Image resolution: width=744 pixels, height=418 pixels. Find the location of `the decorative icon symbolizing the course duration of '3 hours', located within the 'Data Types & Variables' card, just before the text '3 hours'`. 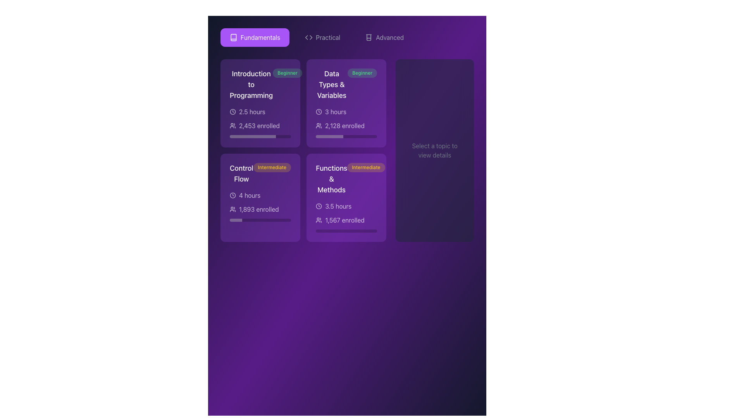

the decorative icon symbolizing the course duration of '3 hours', located within the 'Data Types & Variables' card, just before the text '3 hours' is located at coordinates (319, 112).